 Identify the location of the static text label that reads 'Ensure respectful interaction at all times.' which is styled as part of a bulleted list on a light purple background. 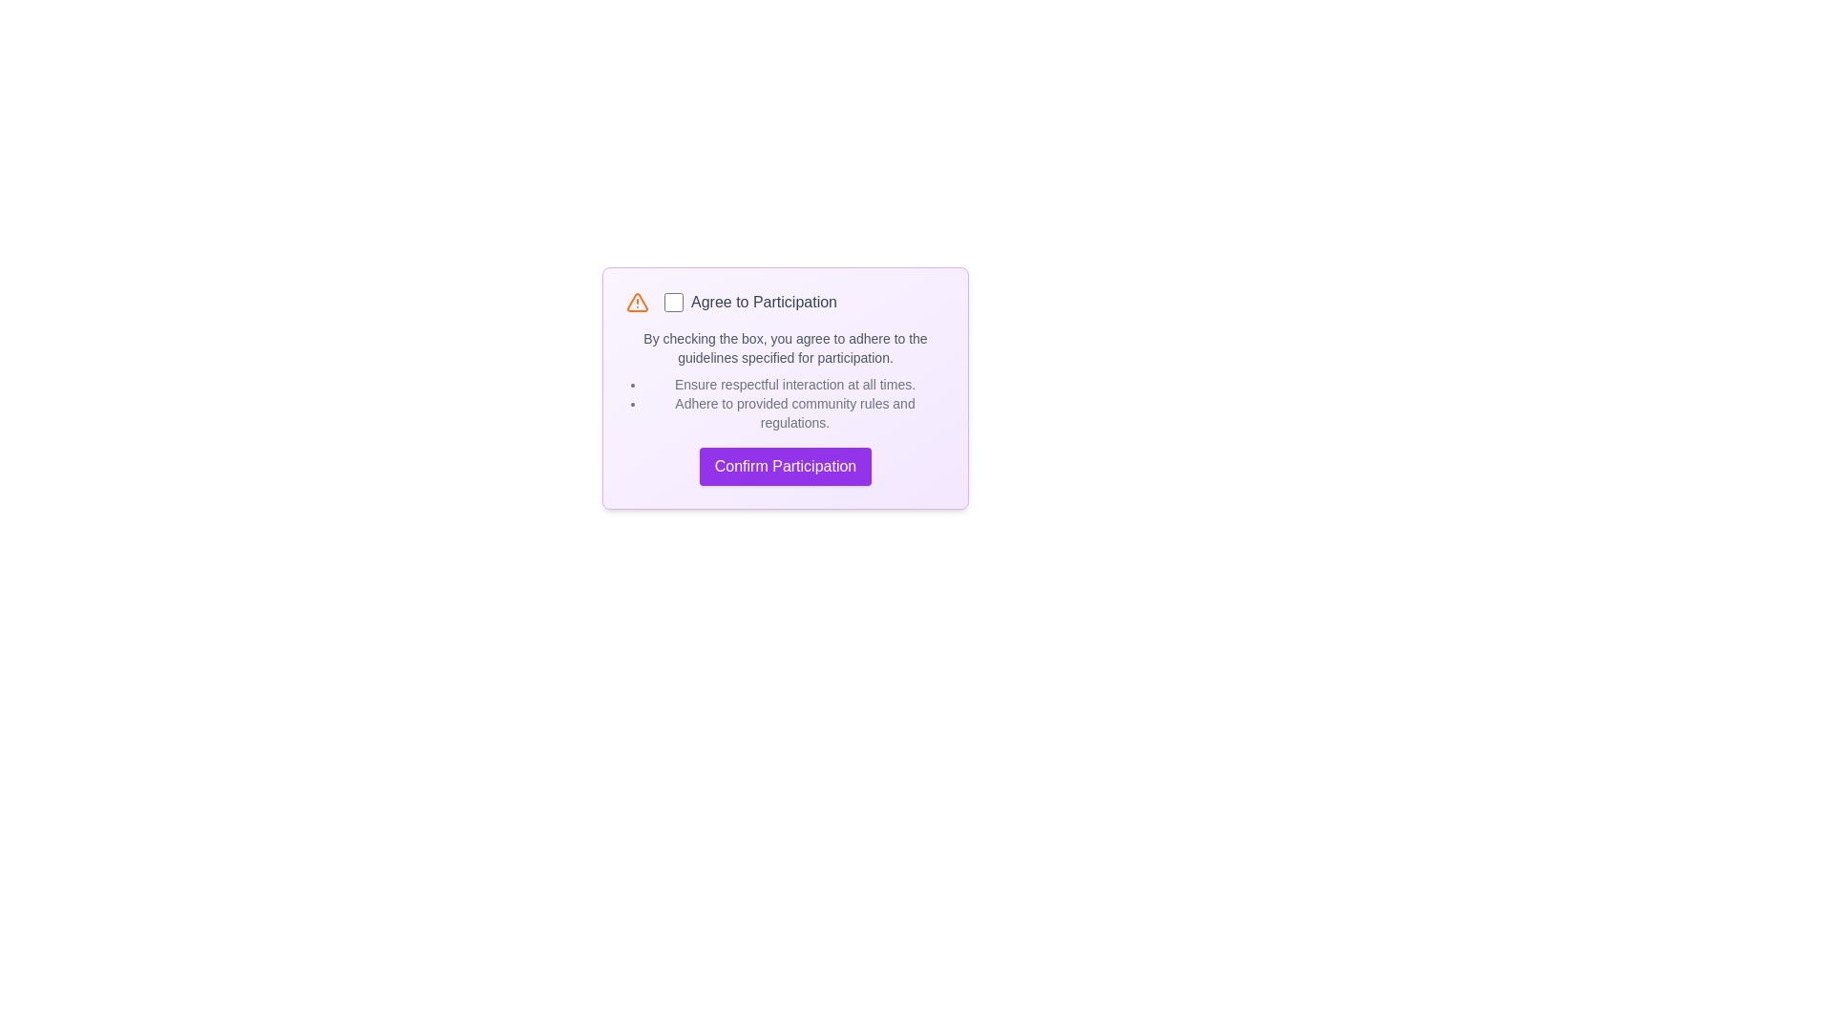
(795, 384).